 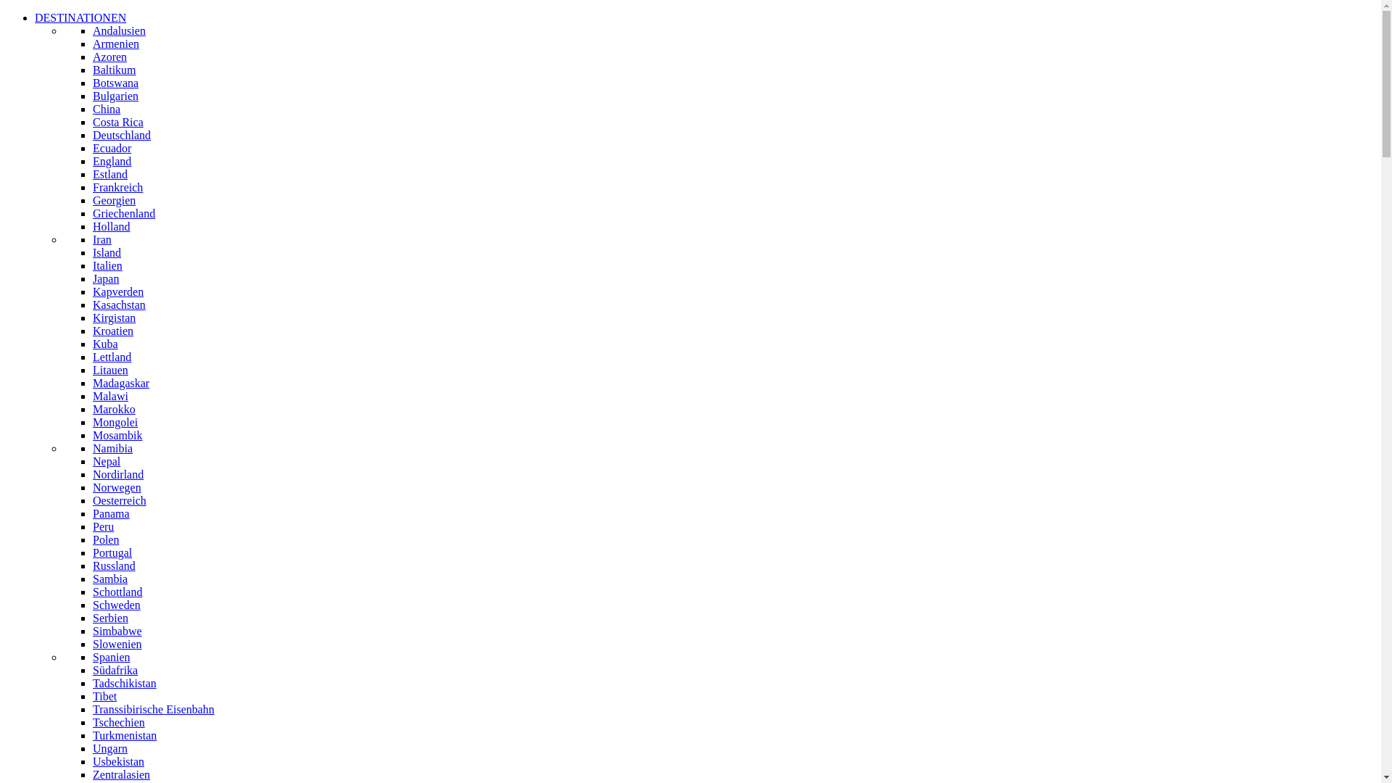 I want to click on 'Marokko', so click(x=113, y=409).